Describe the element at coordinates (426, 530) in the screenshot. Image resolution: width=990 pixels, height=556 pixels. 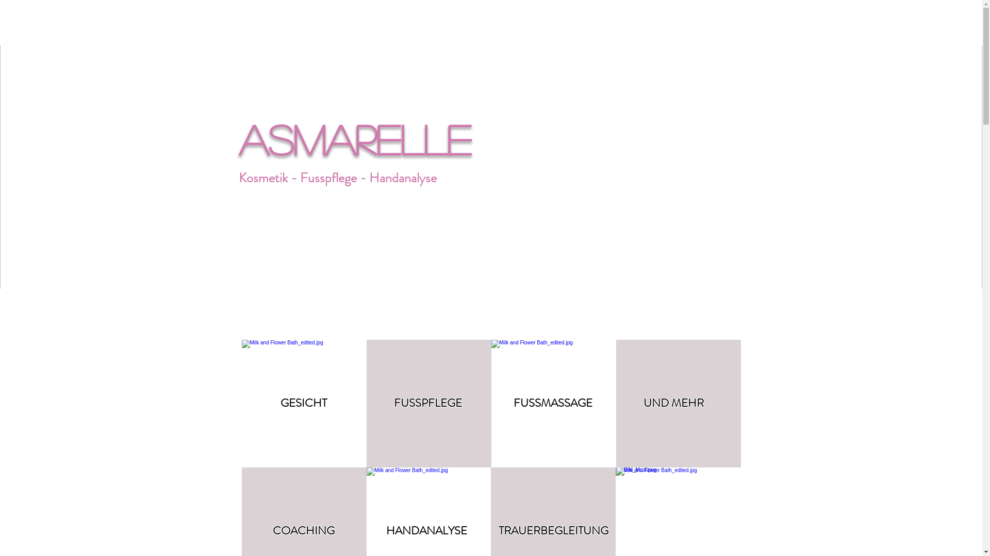
I see `'HANDANALYSE'` at that location.